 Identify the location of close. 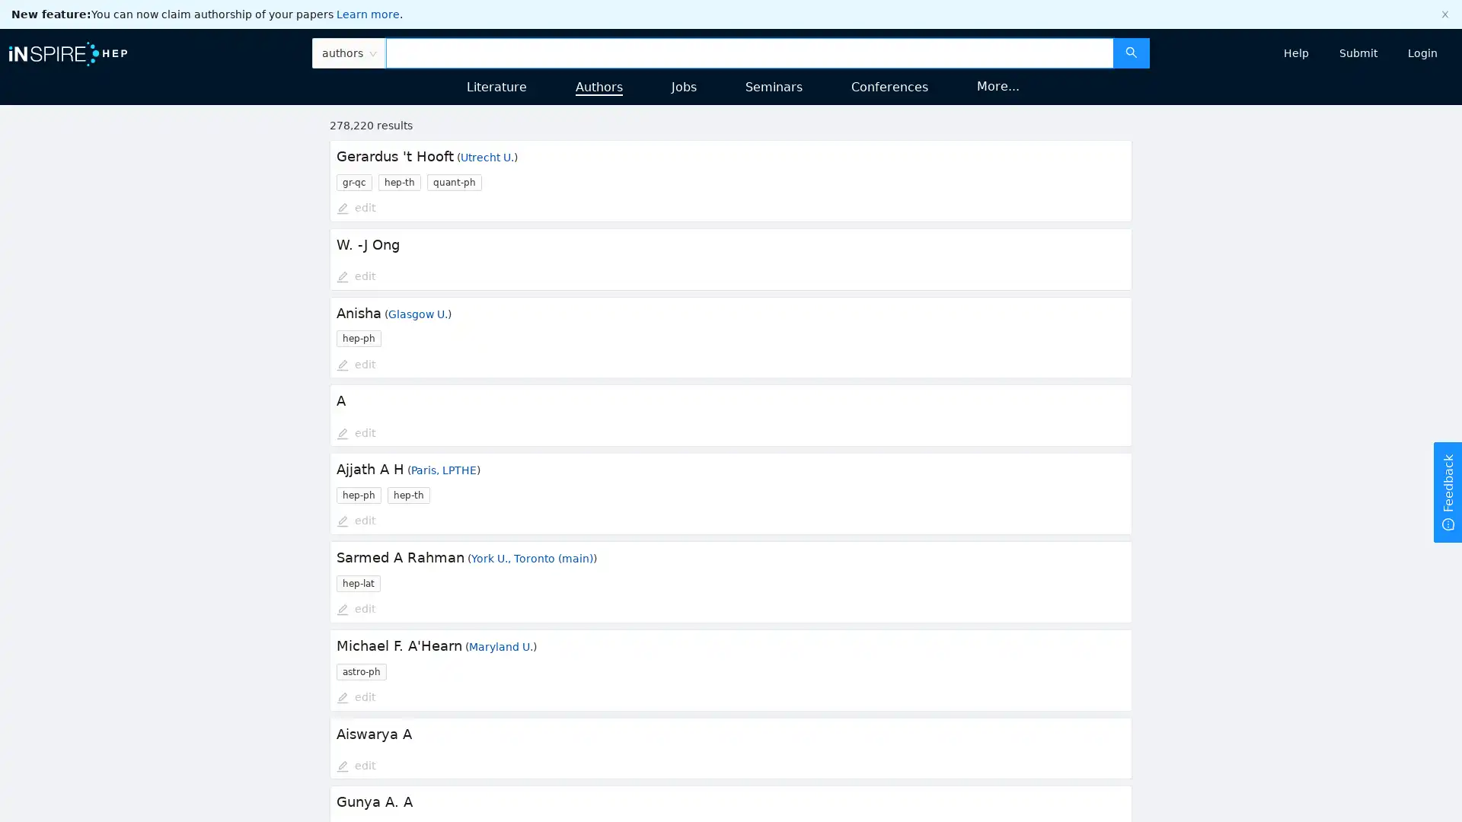
(1444, 14).